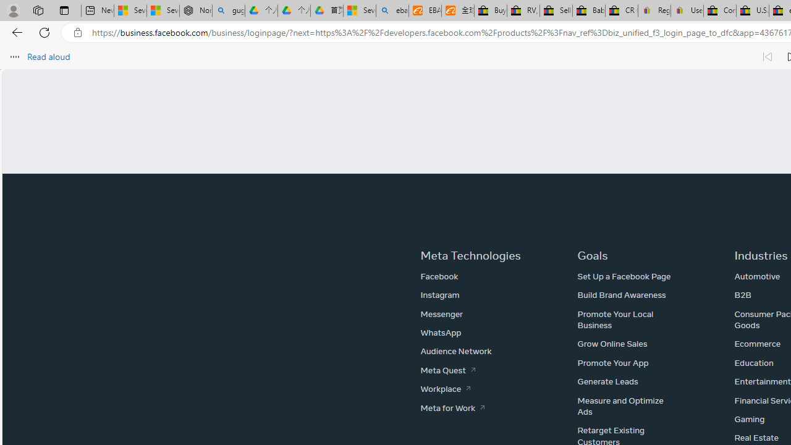 The width and height of the screenshot is (791, 445). Describe the element at coordinates (441, 313) in the screenshot. I see `'Messenger'` at that location.